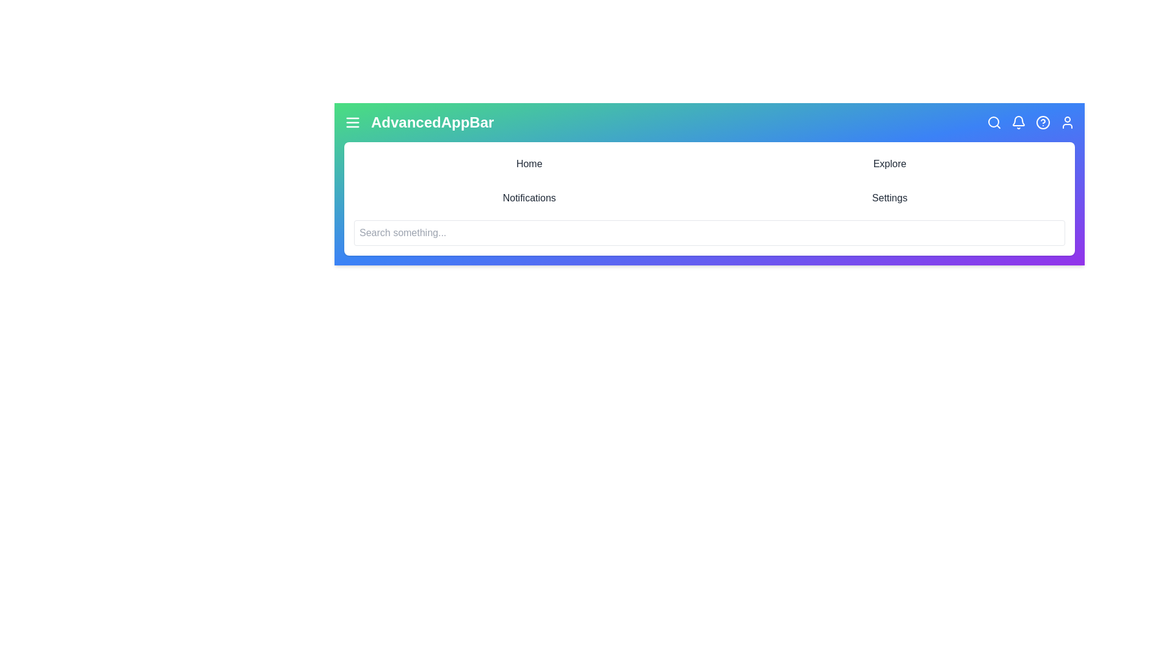 This screenshot has width=1172, height=659. I want to click on the User icon to trigger its functionality, so click(1066, 122).